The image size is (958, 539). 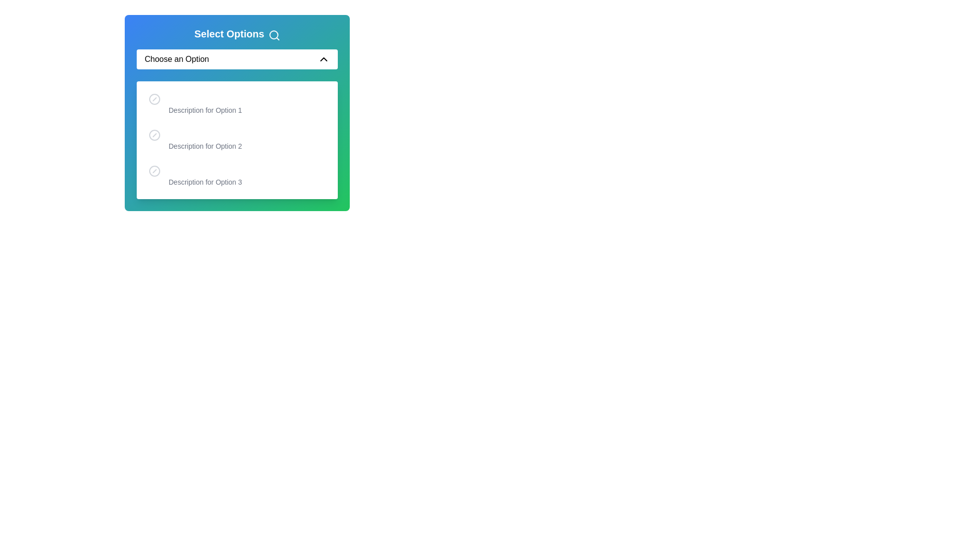 What do you see at coordinates (154, 98) in the screenshot?
I see `the Circle icon that visually represents an inactive state, located to the left of the text label 'Description for Option 1' in the first list item` at bounding box center [154, 98].